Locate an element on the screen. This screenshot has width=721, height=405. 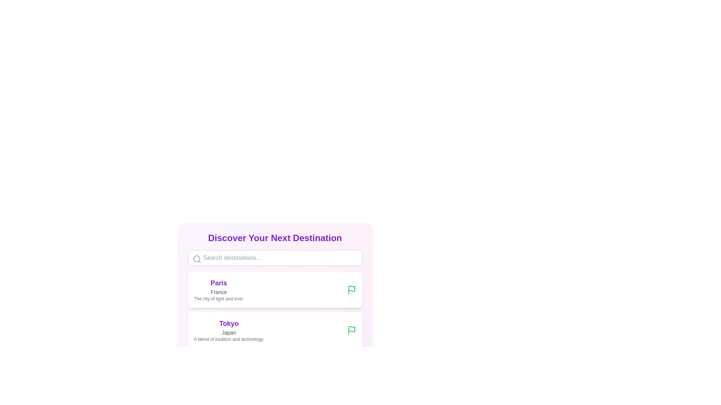
text label that serves as the title for the content describing the destination 'Tokyo' is located at coordinates (228, 323).